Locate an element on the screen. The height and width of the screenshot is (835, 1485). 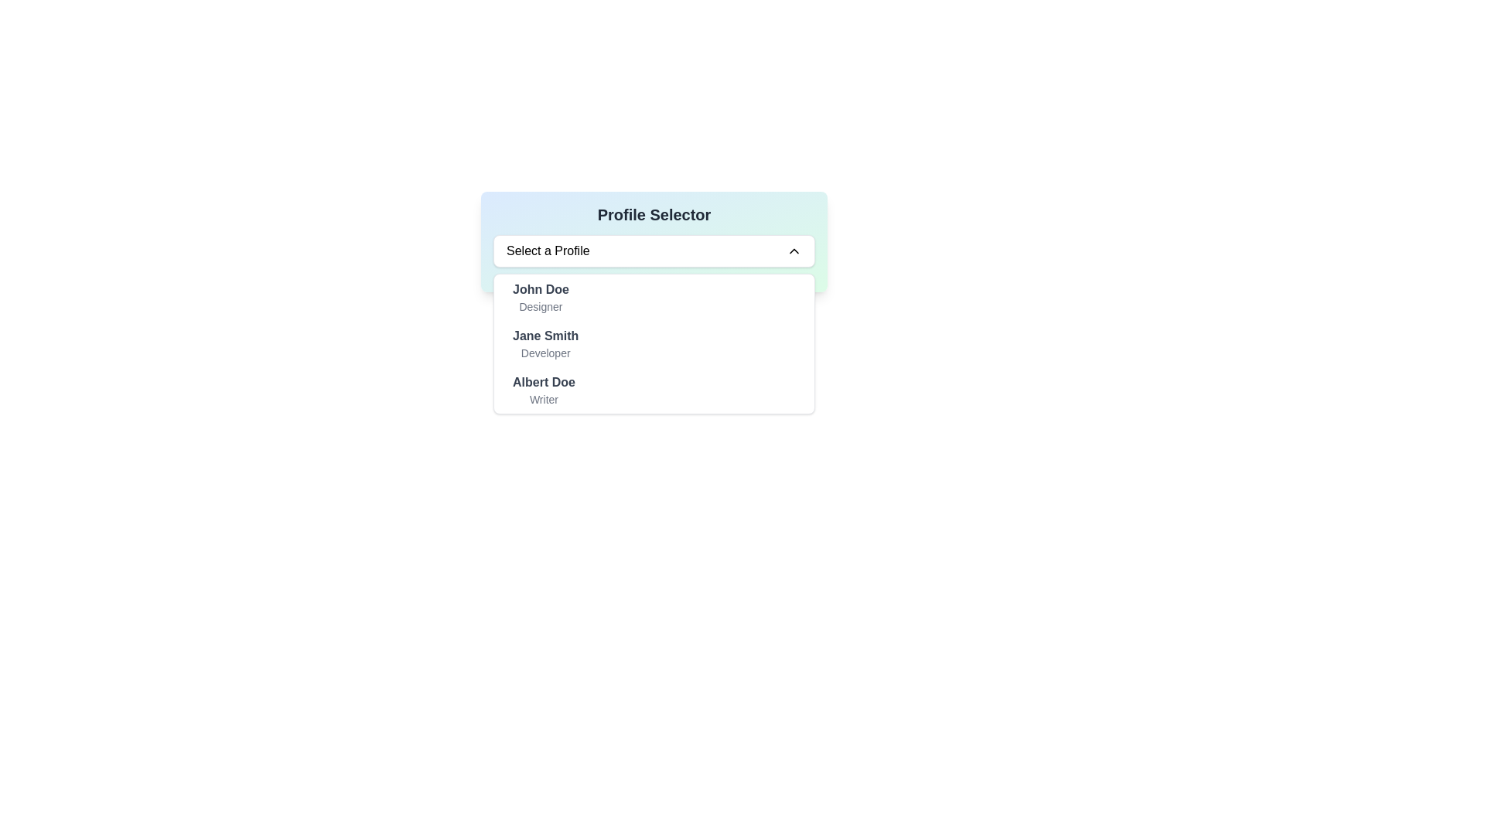
the third option in the dropdown menu that displays the name 'Albert Doe' styled in bold dark-gray font is located at coordinates (544, 382).